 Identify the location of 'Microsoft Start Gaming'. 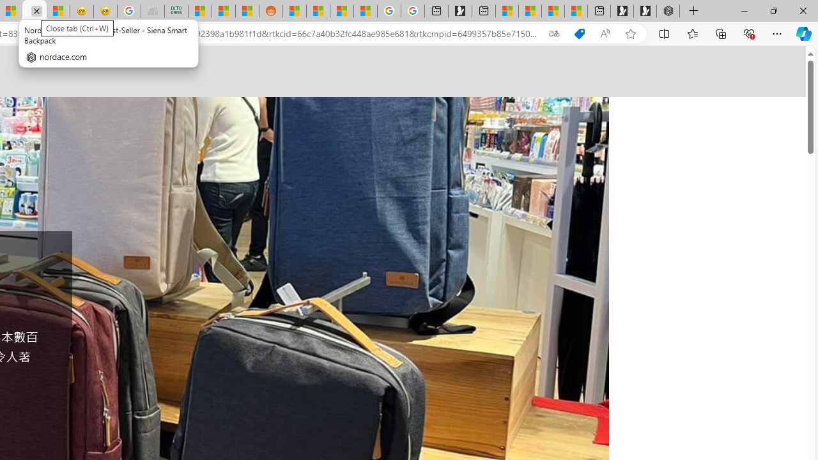
(460, 11).